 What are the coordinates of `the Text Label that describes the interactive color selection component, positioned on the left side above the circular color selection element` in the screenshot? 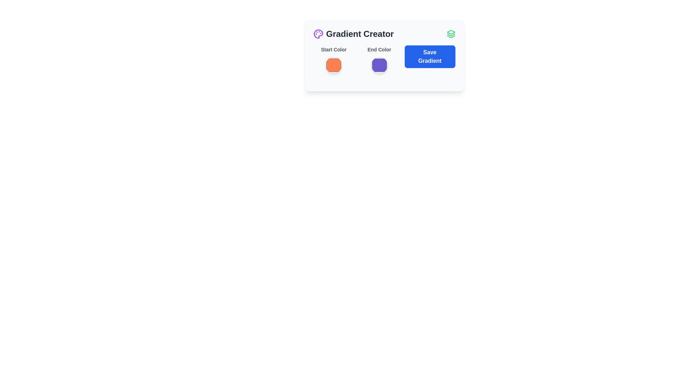 It's located at (333, 49).